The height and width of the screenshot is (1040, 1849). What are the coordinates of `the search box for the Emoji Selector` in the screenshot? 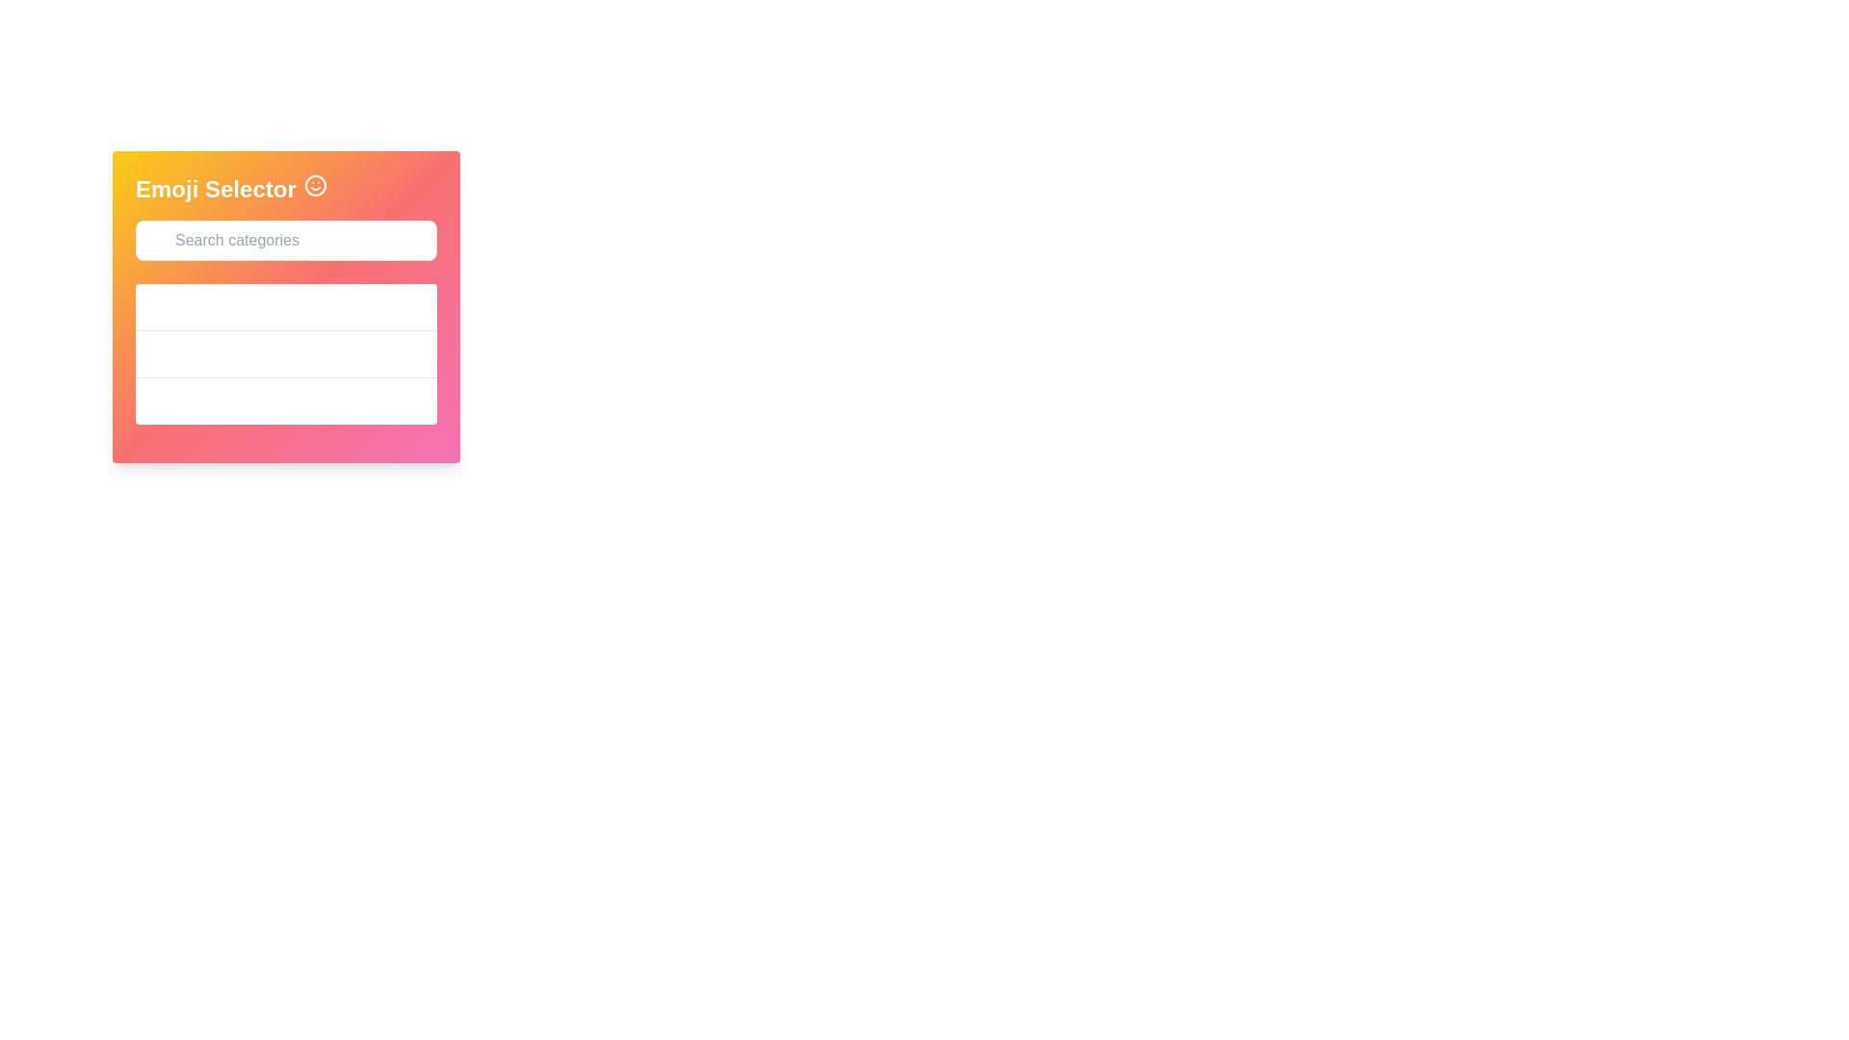 It's located at (285, 240).